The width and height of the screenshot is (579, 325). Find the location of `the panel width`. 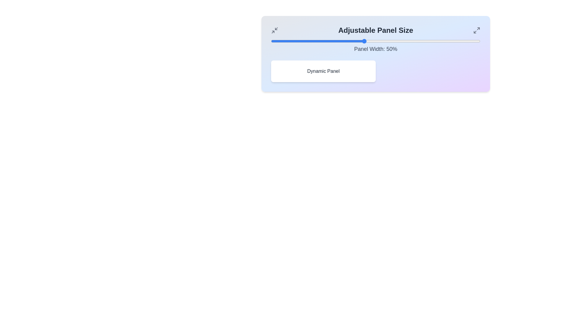

the panel width is located at coordinates (375, 41).